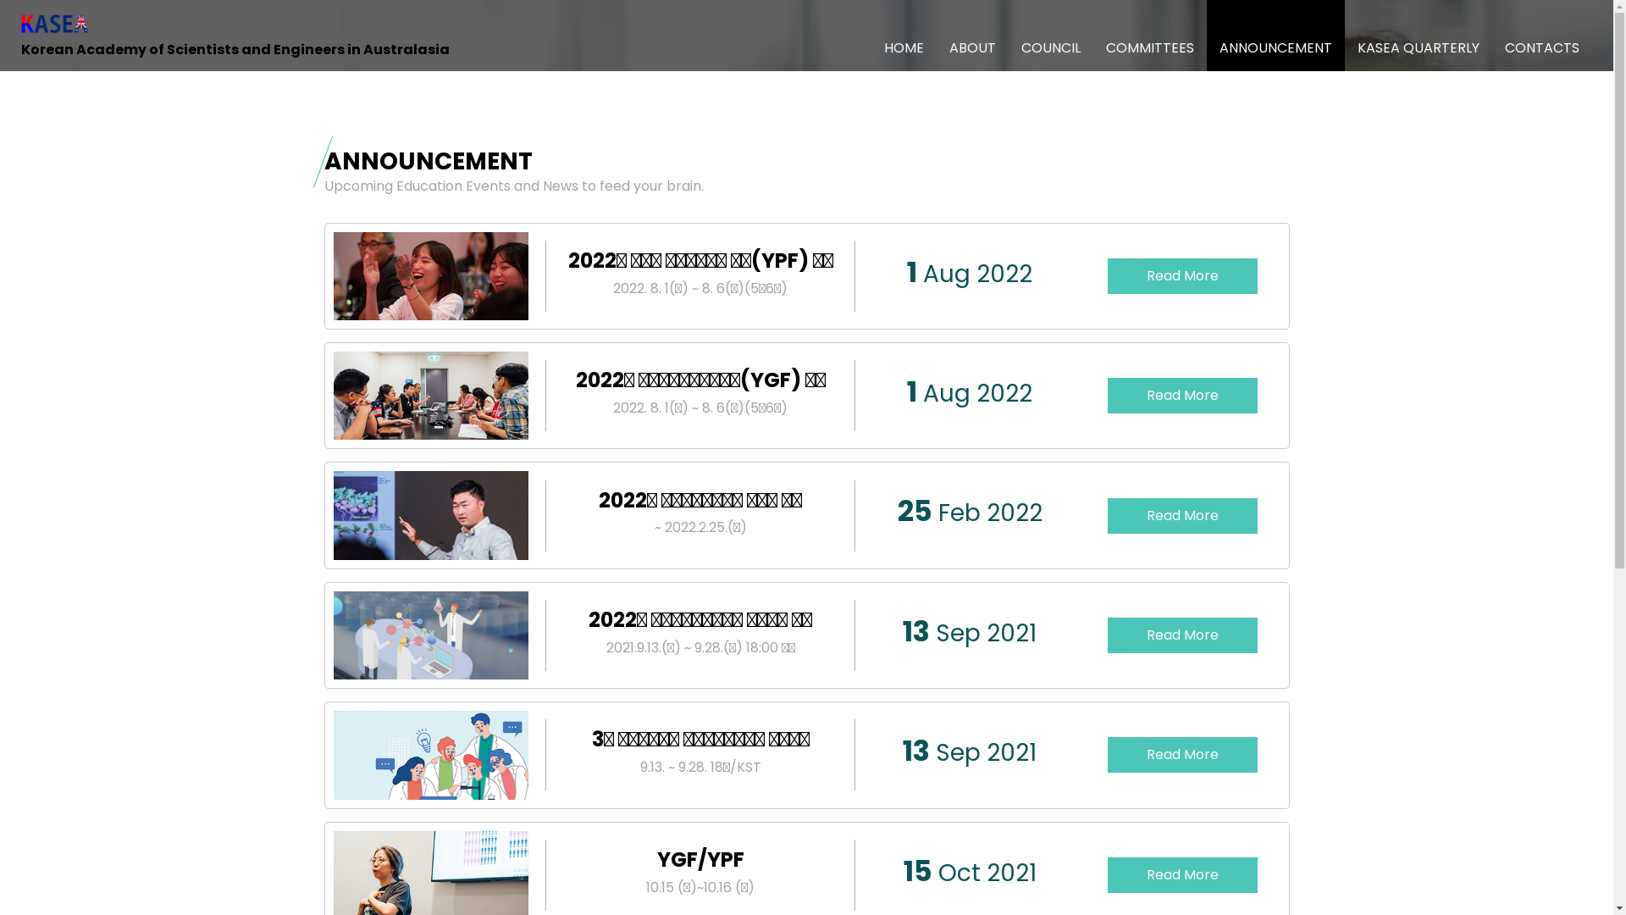 This screenshot has width=1626, height=915. Describe the element at coordinates (1181, 875) in the screenshot. I see `'Read More'` at that location.